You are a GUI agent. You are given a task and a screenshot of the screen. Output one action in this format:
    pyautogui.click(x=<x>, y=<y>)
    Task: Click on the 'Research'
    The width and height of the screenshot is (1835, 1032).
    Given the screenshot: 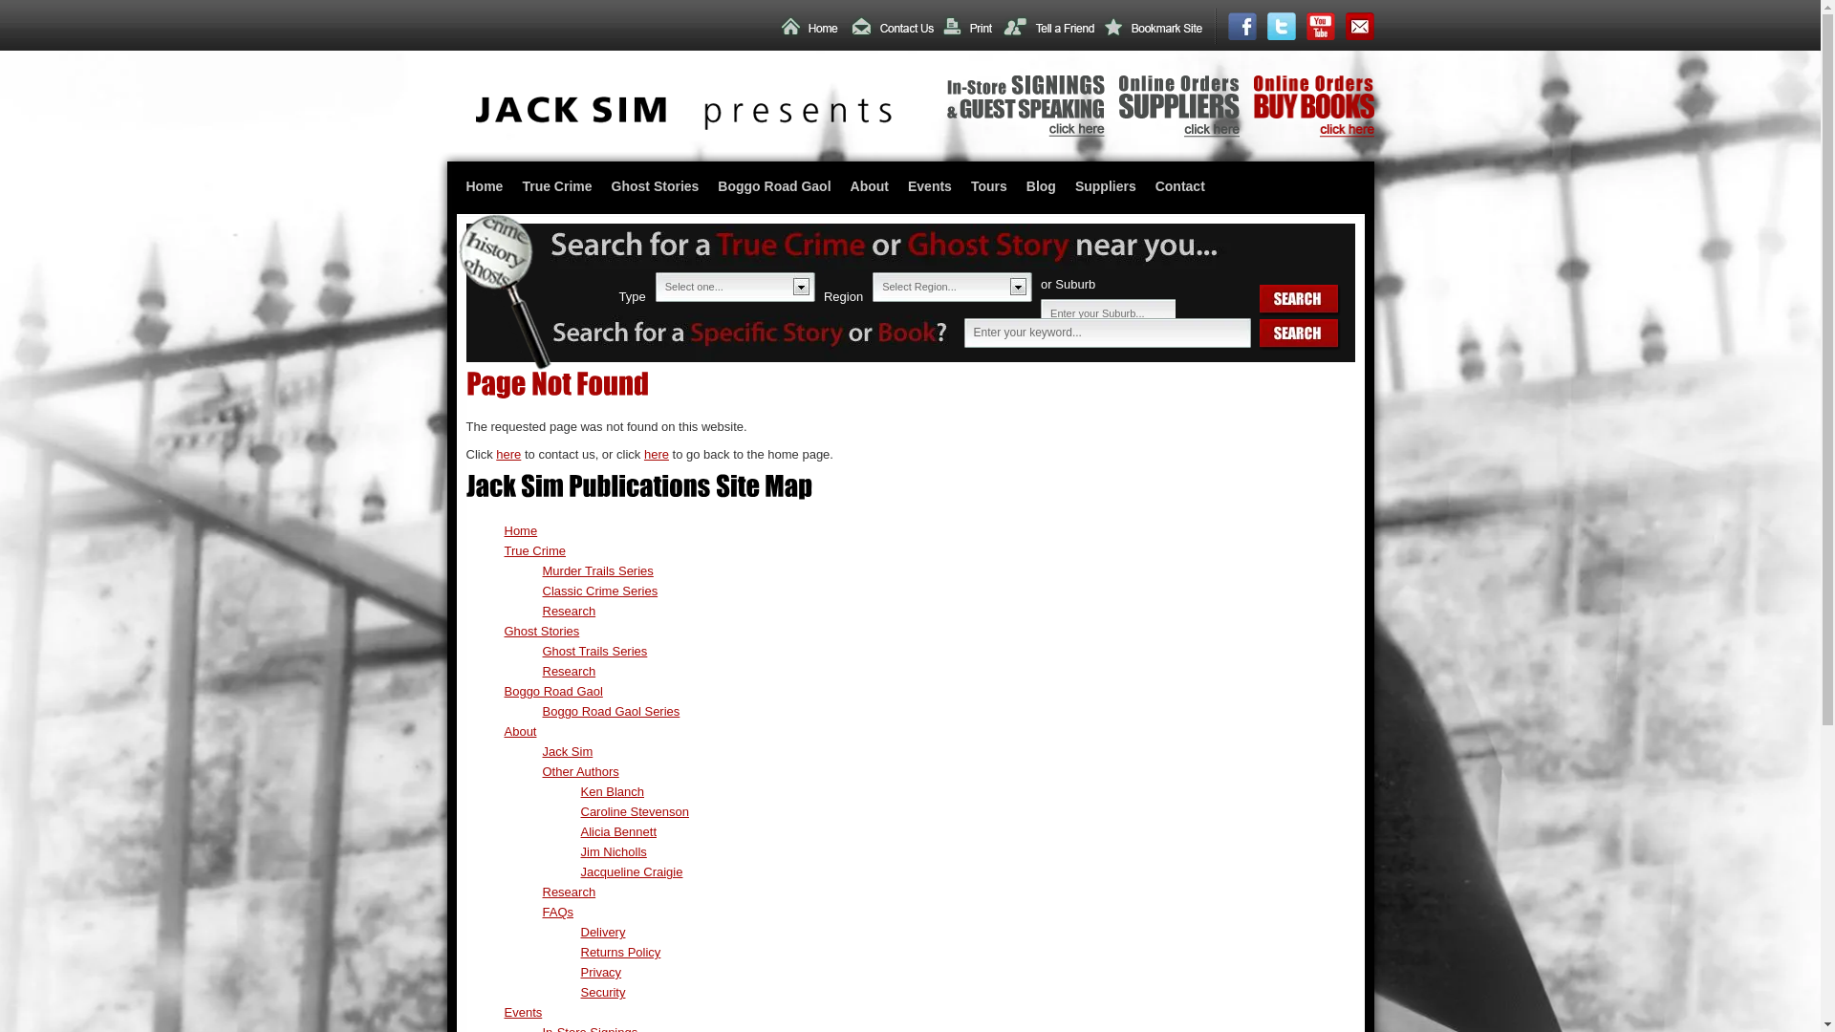 What is the action you would take?
    pyautogui.click(x=568, y=611)
    